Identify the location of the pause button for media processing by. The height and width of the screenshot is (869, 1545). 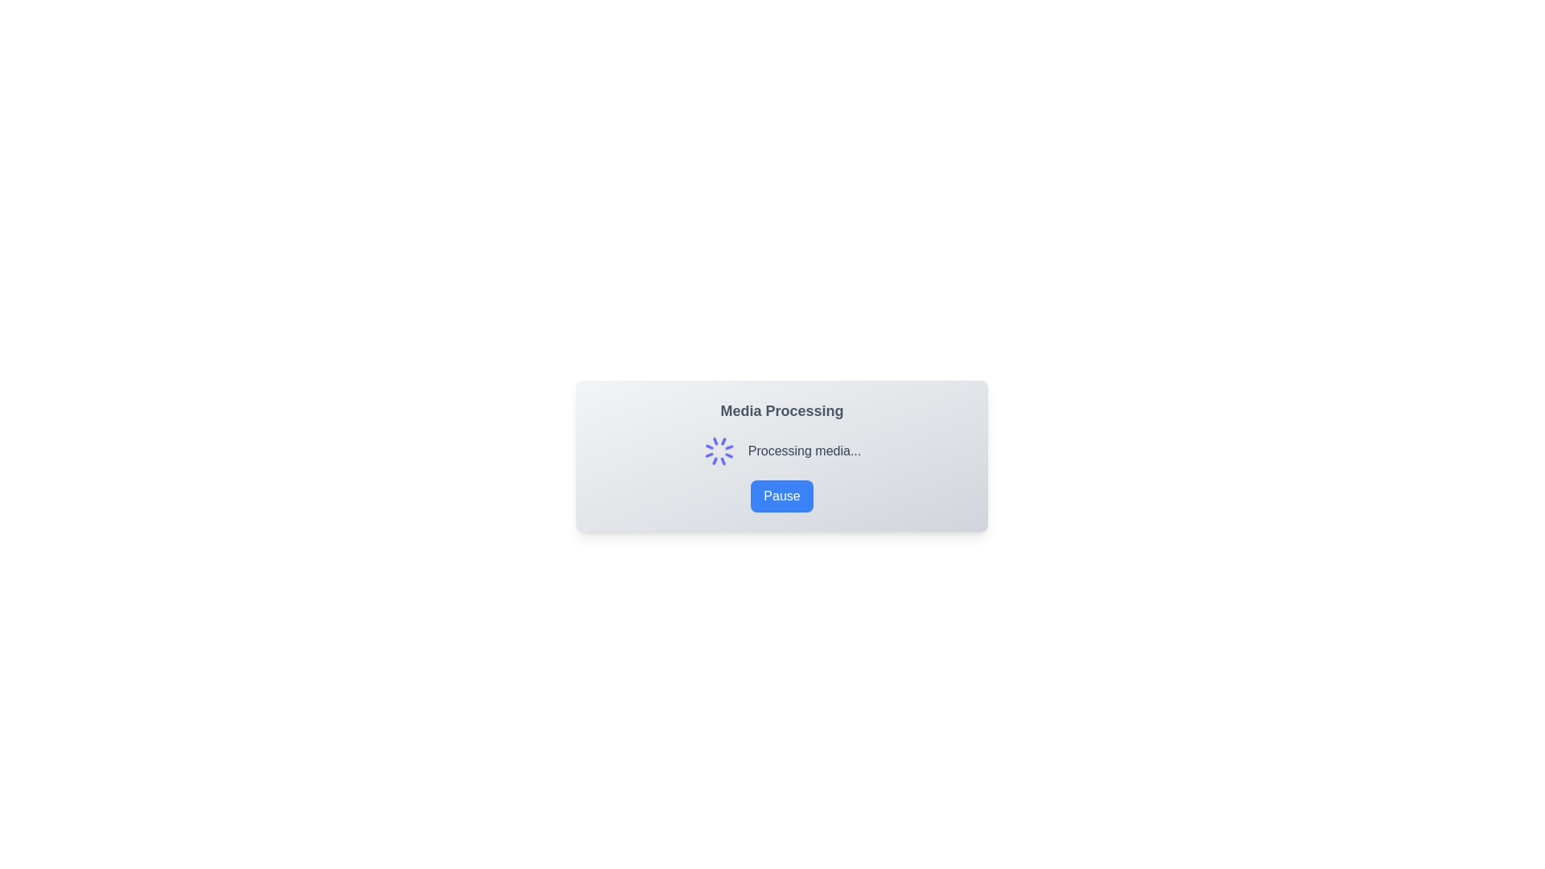
(781, 496).